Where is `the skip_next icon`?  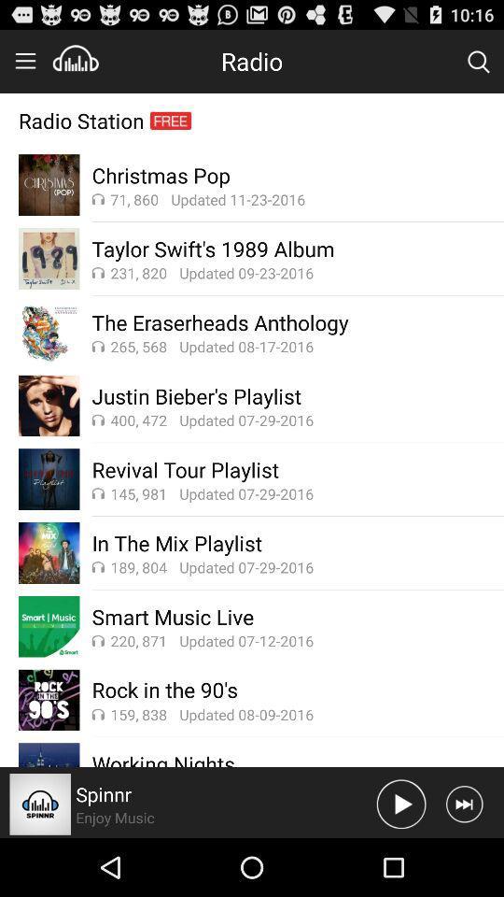
the skip_next icon is located at coordinates (463, 861).